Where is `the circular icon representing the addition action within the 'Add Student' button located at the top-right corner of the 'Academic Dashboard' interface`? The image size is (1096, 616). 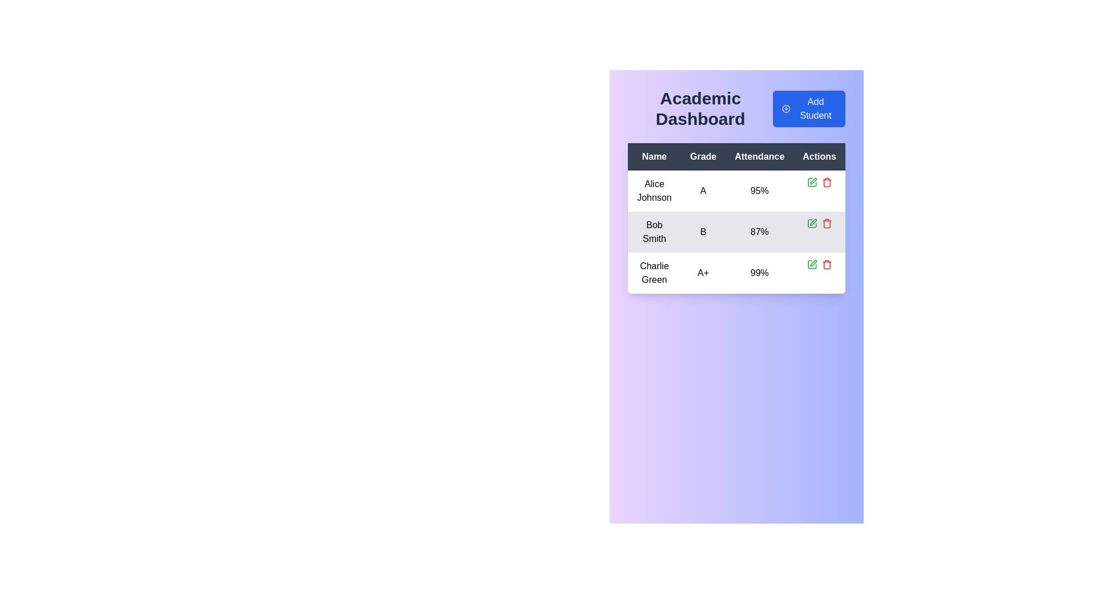
the circular icon representing the addition action within the 'Add Student' button located at the top-right corner of the 'Academic Dashboard' interface is located at coordinates (785, 109).